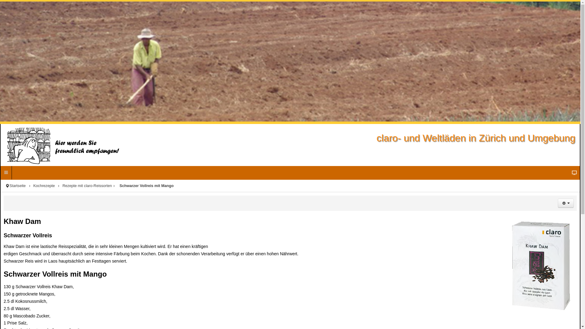 Image resolution: width=585 pixels, height=329 pixels. What do you see at coordinates (21, 185) in the screenshot?
I see `'Startseite'` at bounding box center [21, 185].